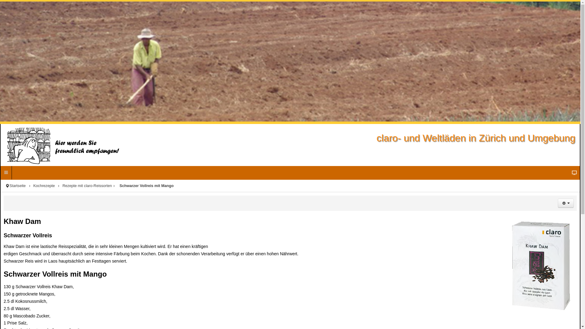 Image resolution: width=585 pixels, height=329 pixels. What do you see at coordinates (21, 185) in the screenshot?
I see `'Startseite'` at bounding box center [21, 185].